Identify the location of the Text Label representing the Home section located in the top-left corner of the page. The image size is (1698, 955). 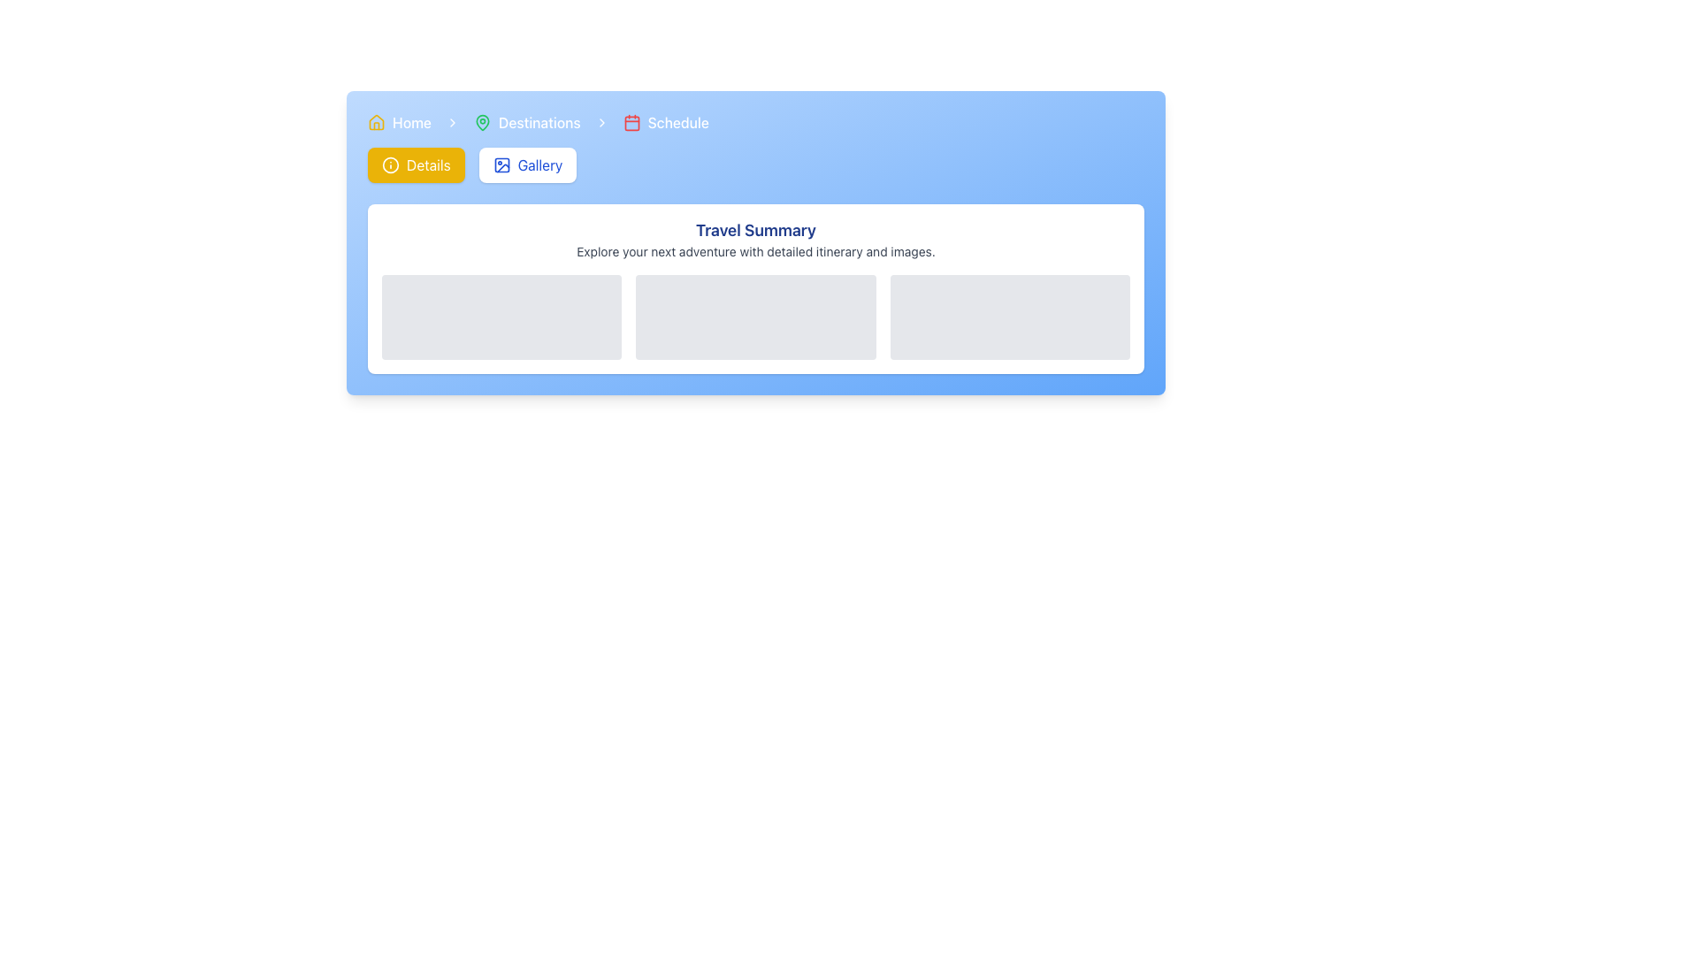
(410, 121).